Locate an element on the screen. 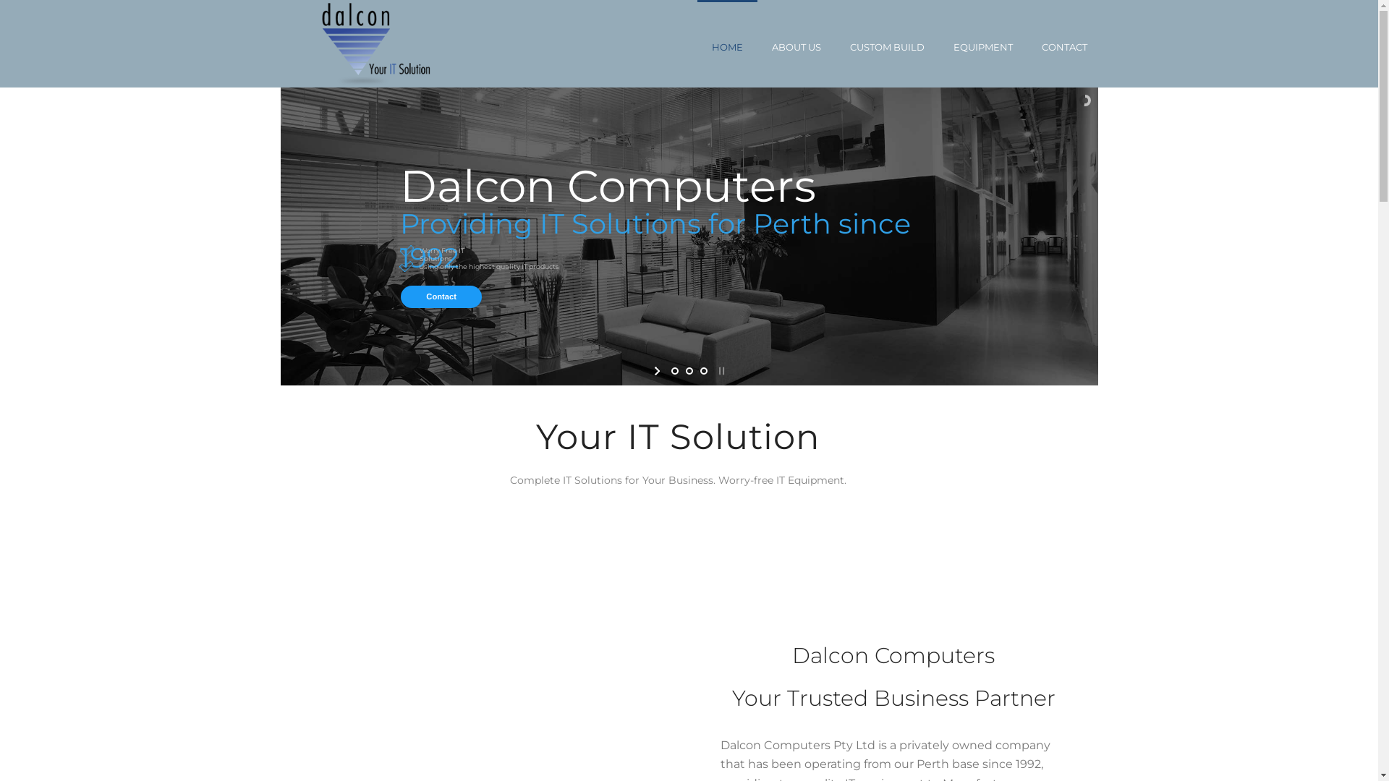 This screenshot has height=781, width=1389. 'CONTACT' is located at coordinates (1064, 43).